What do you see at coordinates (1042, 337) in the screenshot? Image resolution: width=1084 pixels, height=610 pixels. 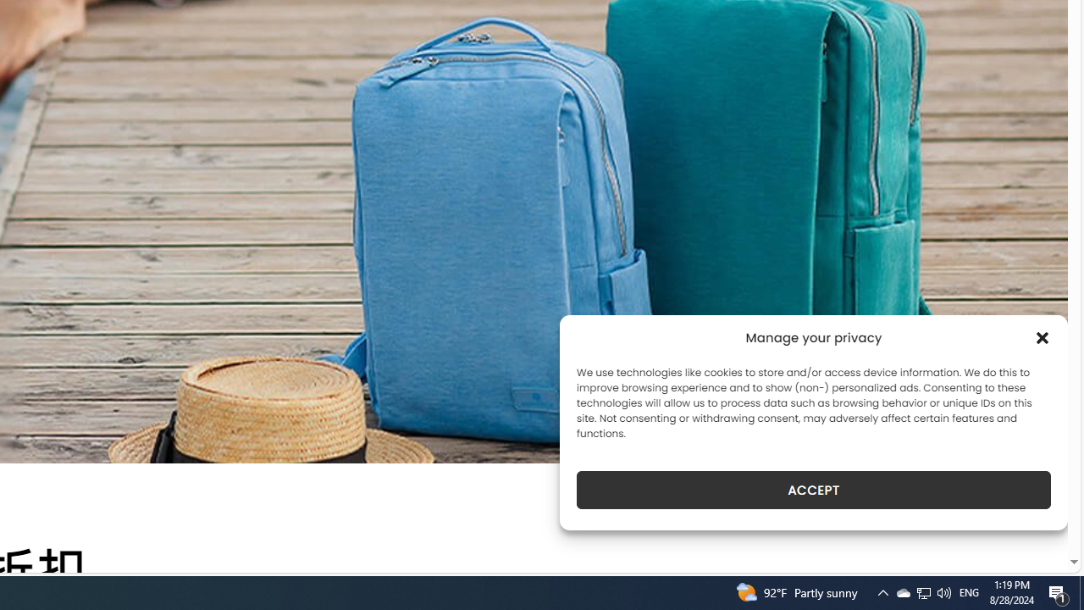 I see `'Class: cmplz-close'` at bounding box center [1042, 337].